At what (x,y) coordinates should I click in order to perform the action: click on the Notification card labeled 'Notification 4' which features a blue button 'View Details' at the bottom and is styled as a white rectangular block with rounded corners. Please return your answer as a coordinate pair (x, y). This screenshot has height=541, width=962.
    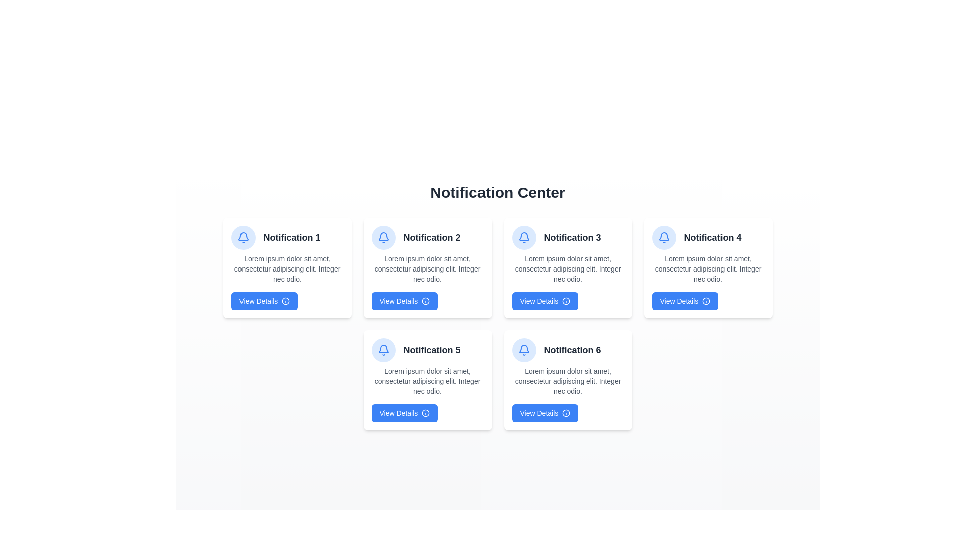
    Looking at the image, I should click on (707, 267).